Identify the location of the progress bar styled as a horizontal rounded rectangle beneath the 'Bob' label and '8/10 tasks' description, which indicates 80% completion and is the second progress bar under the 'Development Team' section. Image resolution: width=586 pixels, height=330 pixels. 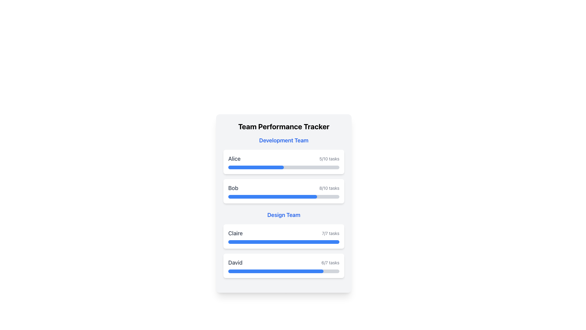
(284, 197).